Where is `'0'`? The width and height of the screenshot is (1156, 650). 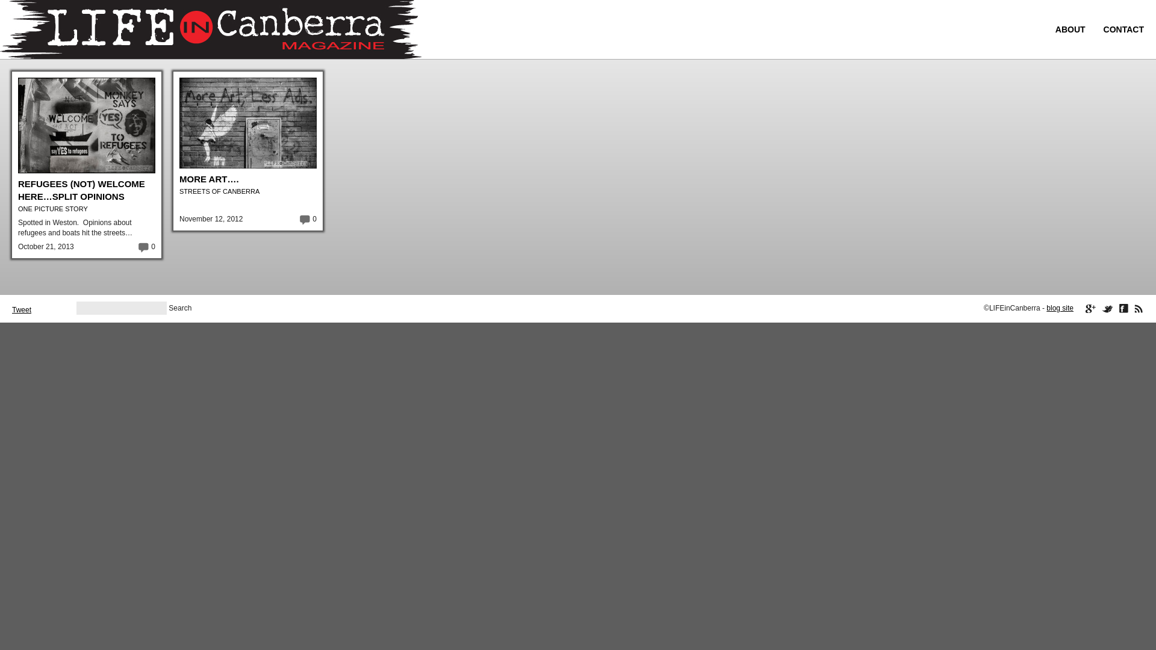
'0' is located at coordinates (137, 246).